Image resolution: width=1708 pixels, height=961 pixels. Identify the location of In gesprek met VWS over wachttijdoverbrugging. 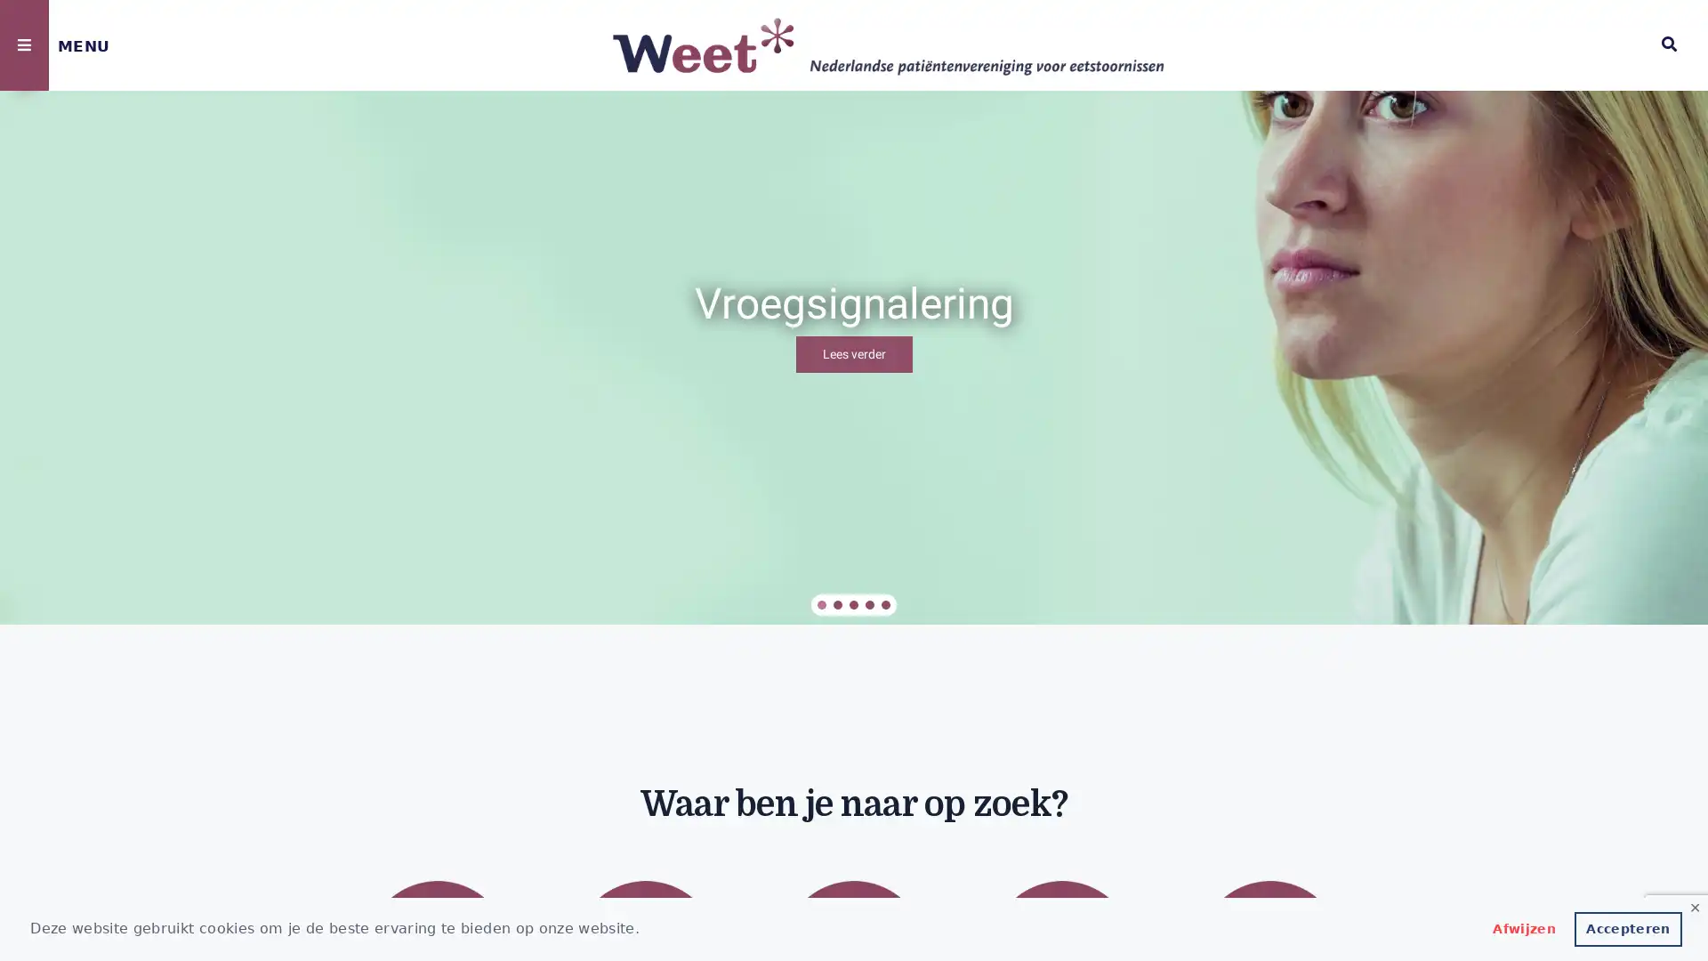
(886, 603).